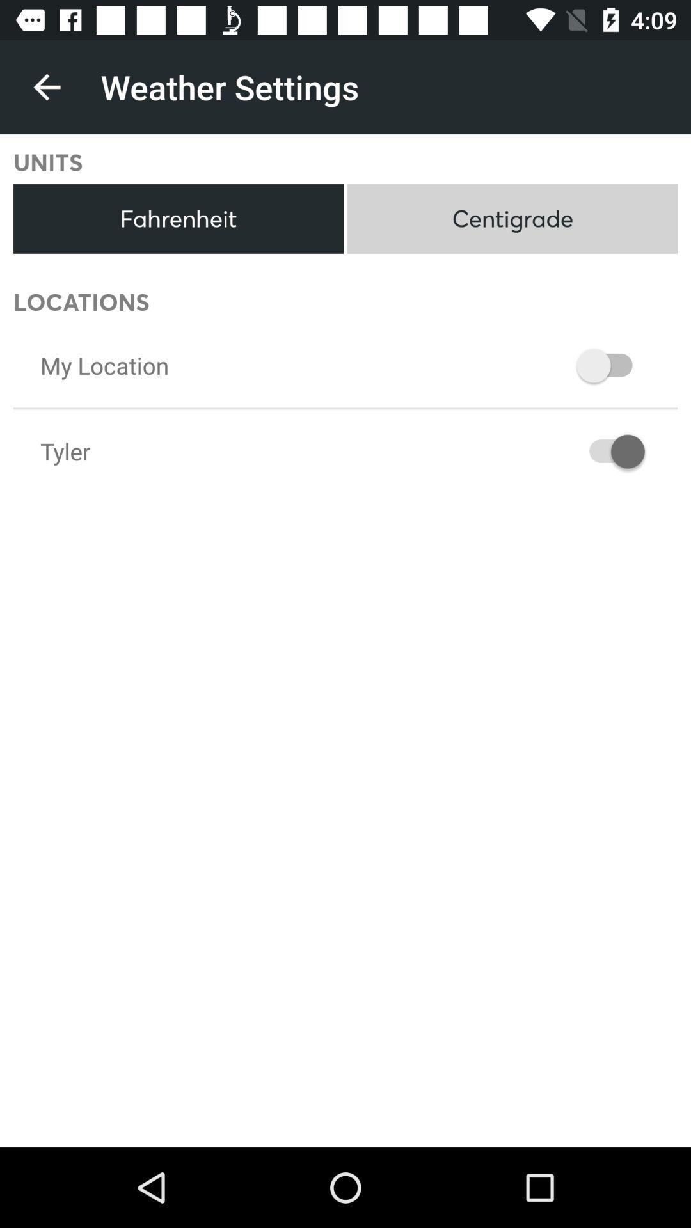 This screenshot has height=1228, width=691. What do you see at coordinates (104, 365) in the screenshot?
I see `icon below the locations icon` at bounding box center [104, 365].